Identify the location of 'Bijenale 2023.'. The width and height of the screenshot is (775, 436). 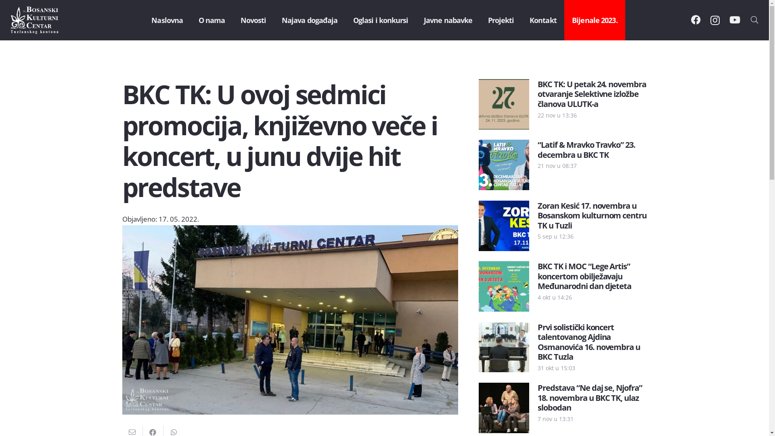
(595, 20).